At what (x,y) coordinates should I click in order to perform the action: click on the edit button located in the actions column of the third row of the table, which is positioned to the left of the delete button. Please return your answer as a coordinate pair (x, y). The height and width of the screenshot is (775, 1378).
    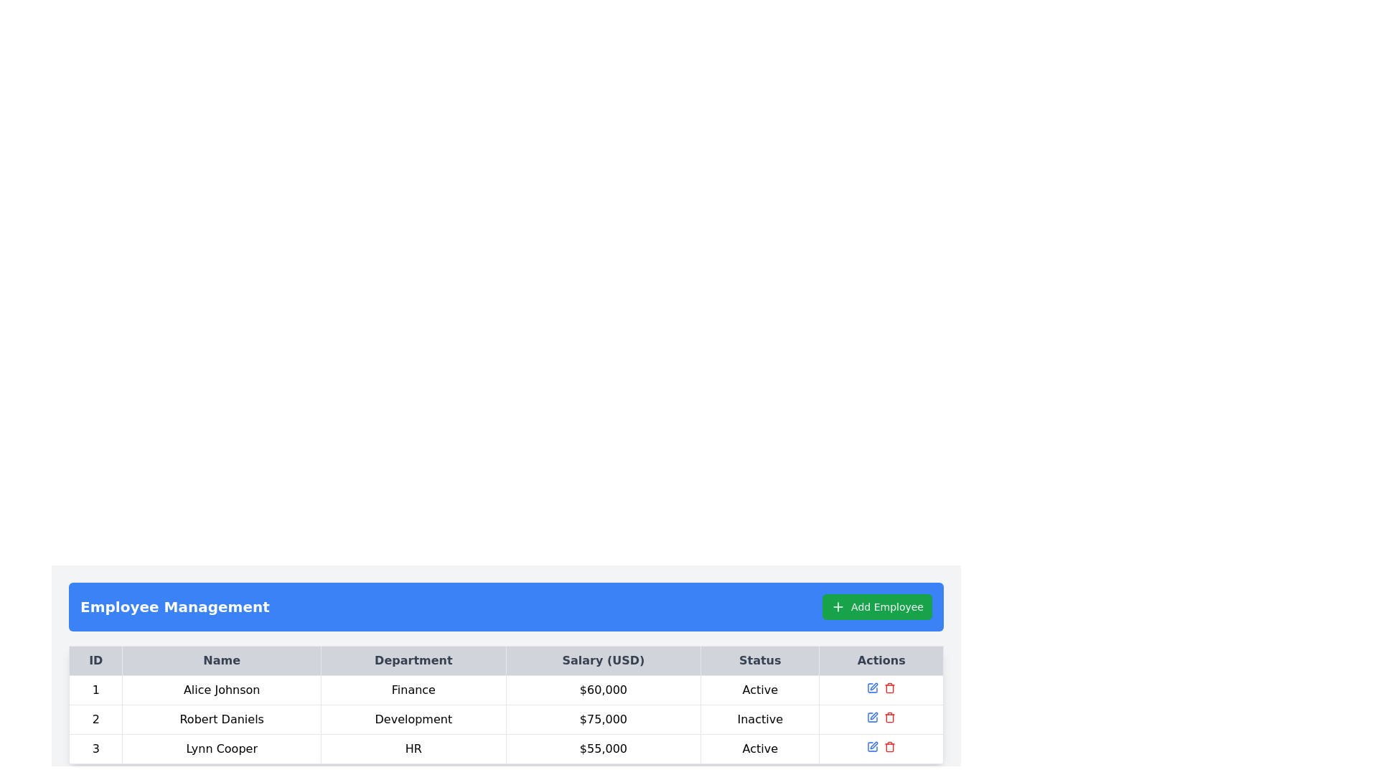
    Looking at the image, I should click on (873, 716).